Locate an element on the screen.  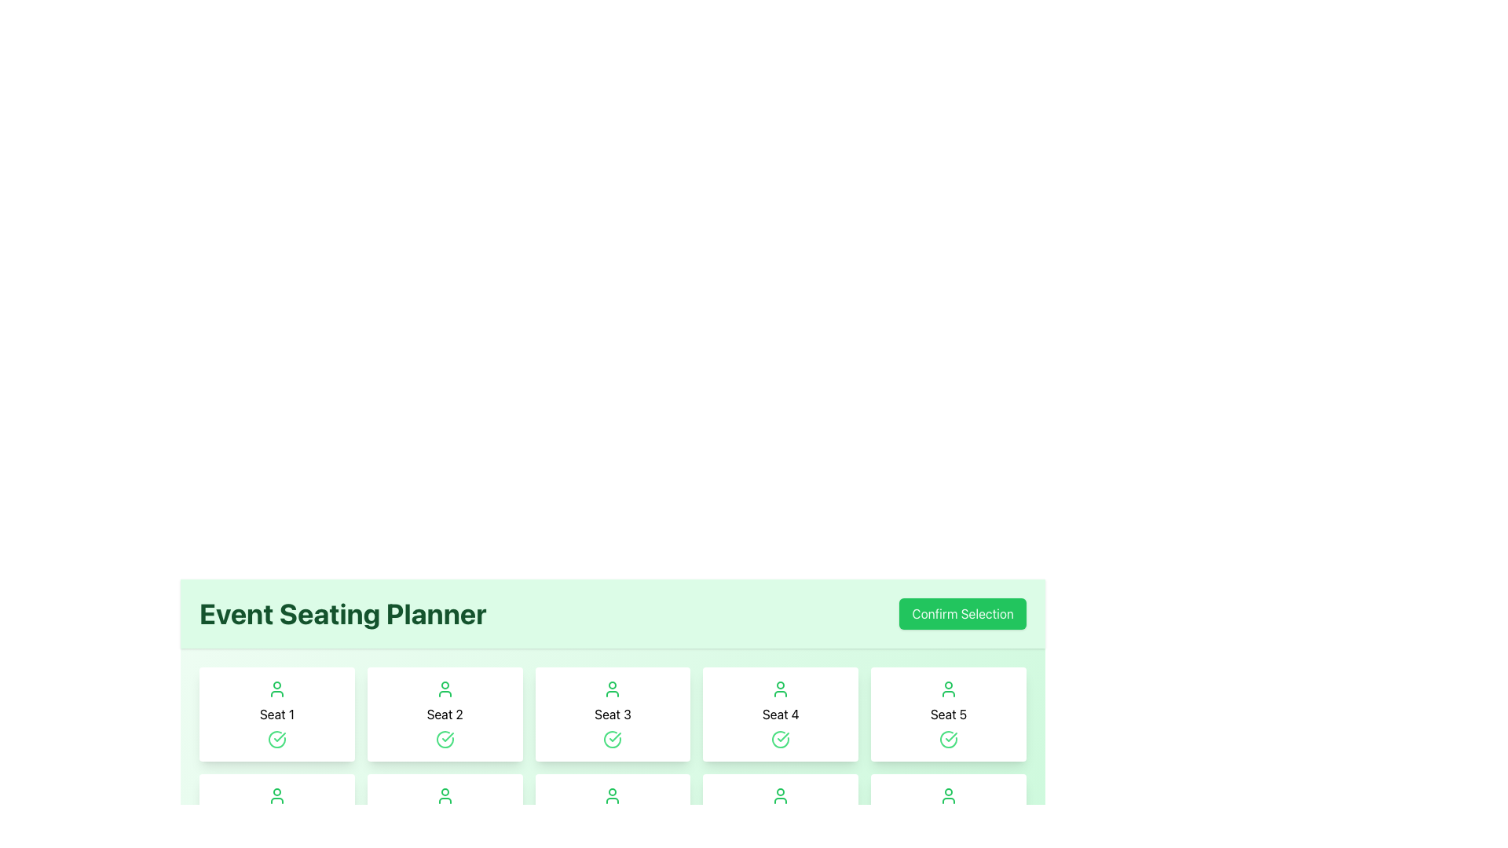
the circular arc element representing the status of 'Seat 4' in the seating interface of the 'Event Seating Planner' is located at coordinates (781, 739).